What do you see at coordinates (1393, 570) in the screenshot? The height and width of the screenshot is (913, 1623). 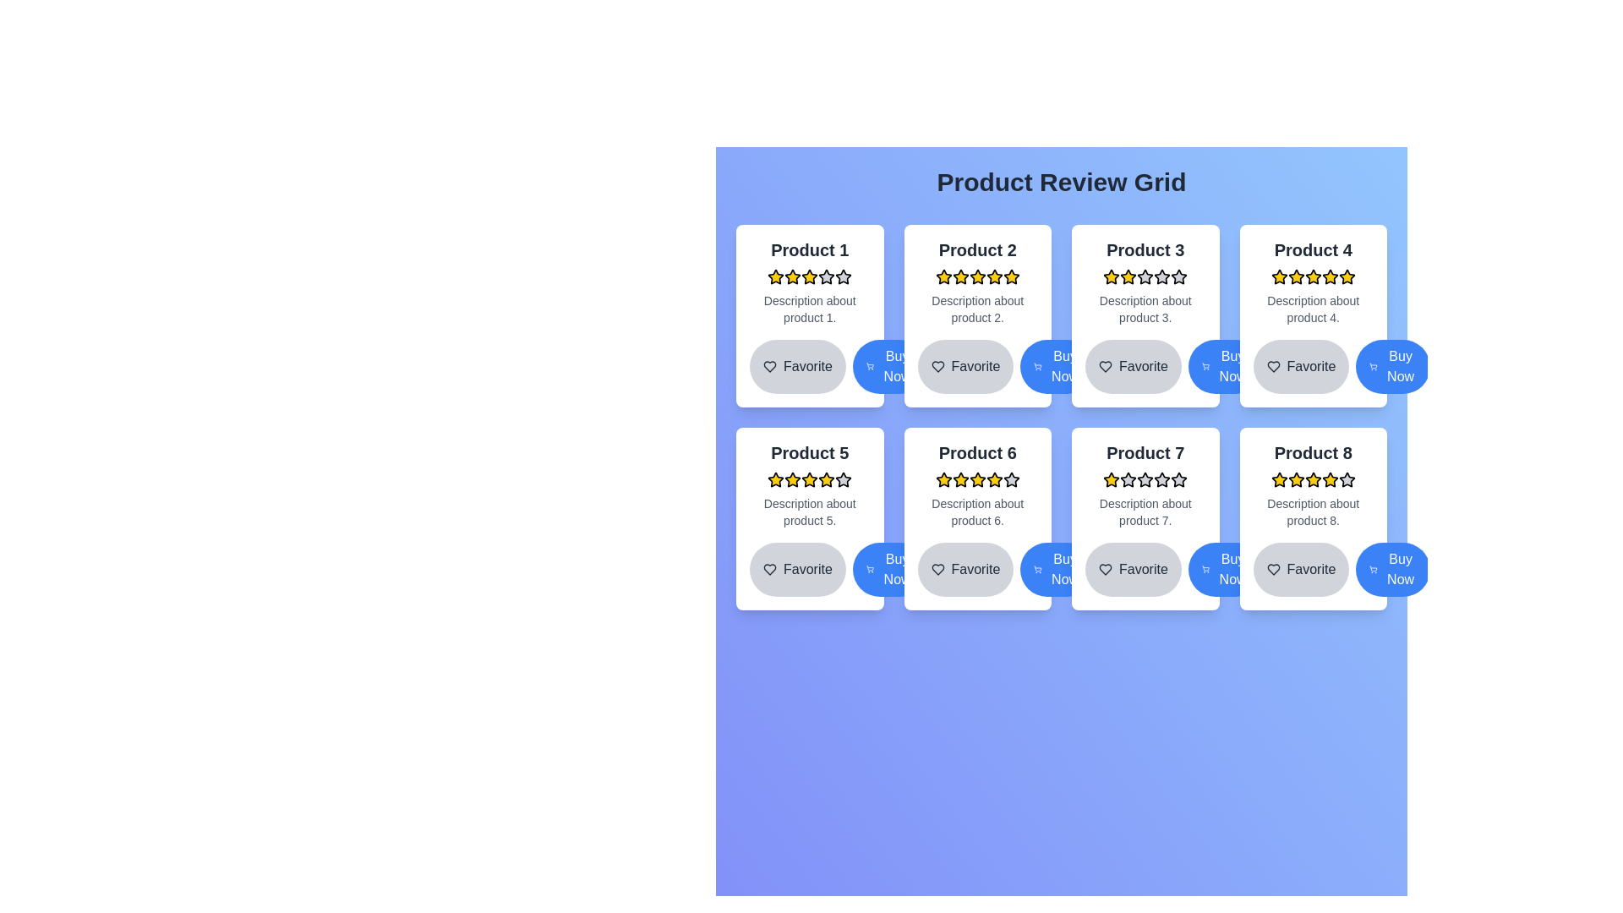 I see `the blue 'Buy Now' button with a cart icon located at the bottom right corner of Product 8's card` at bounding box center [1393, 570].